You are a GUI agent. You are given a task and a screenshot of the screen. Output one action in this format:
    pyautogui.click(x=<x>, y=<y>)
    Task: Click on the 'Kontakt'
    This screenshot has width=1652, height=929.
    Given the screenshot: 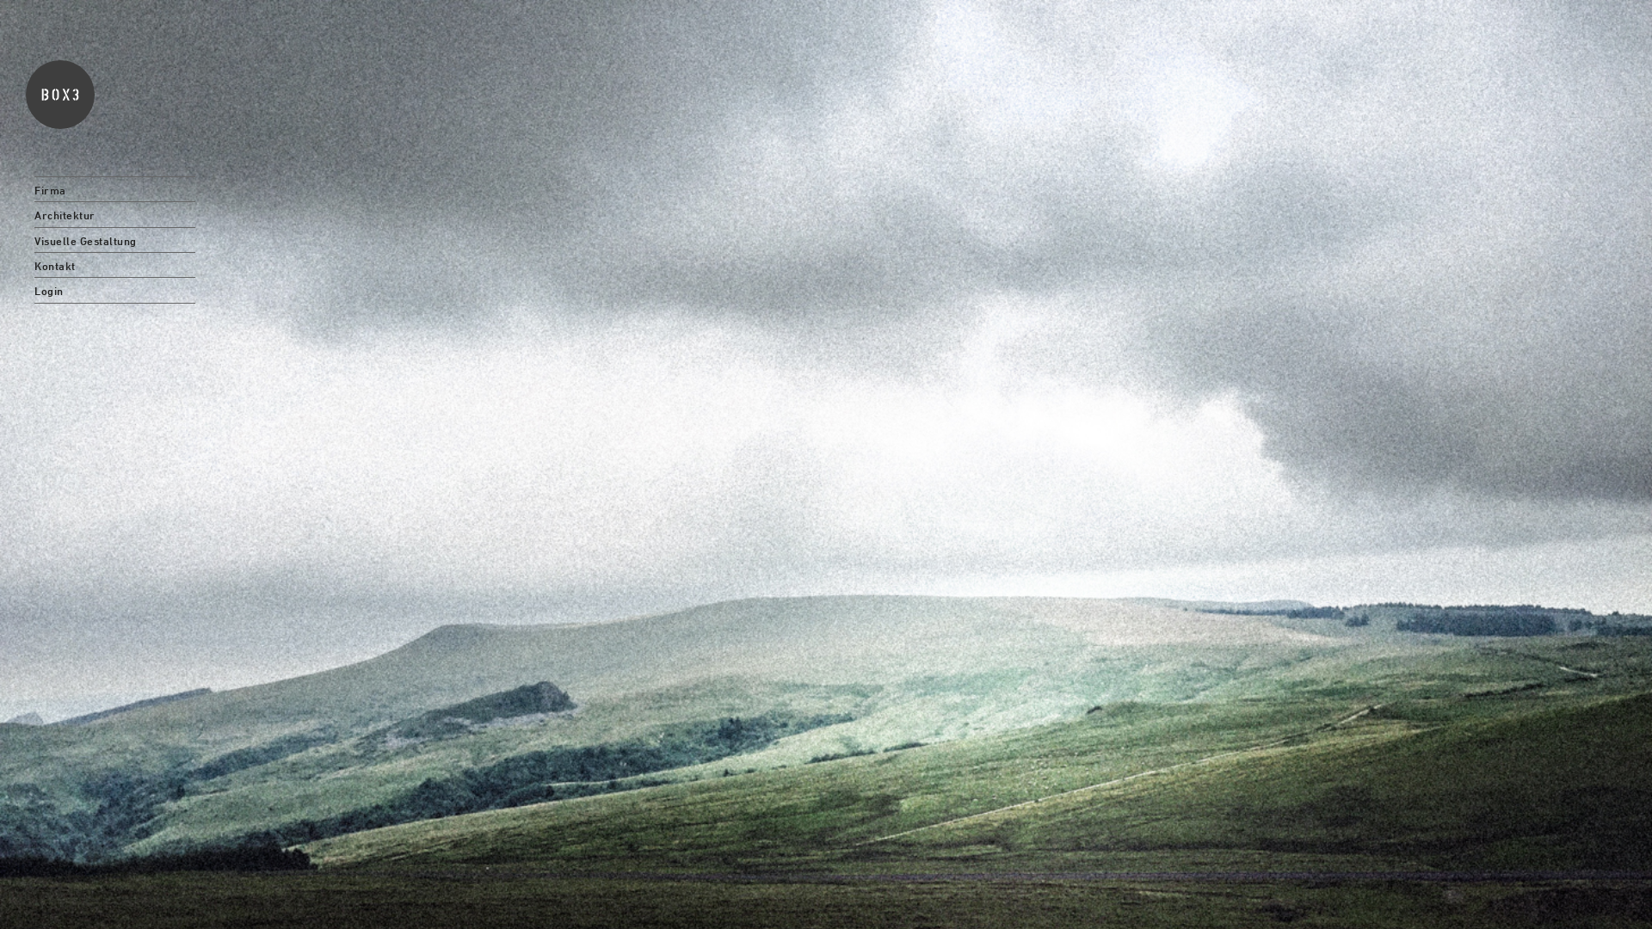 What is the action you would take?
    pyautogui.click(x=114, y=265)
    